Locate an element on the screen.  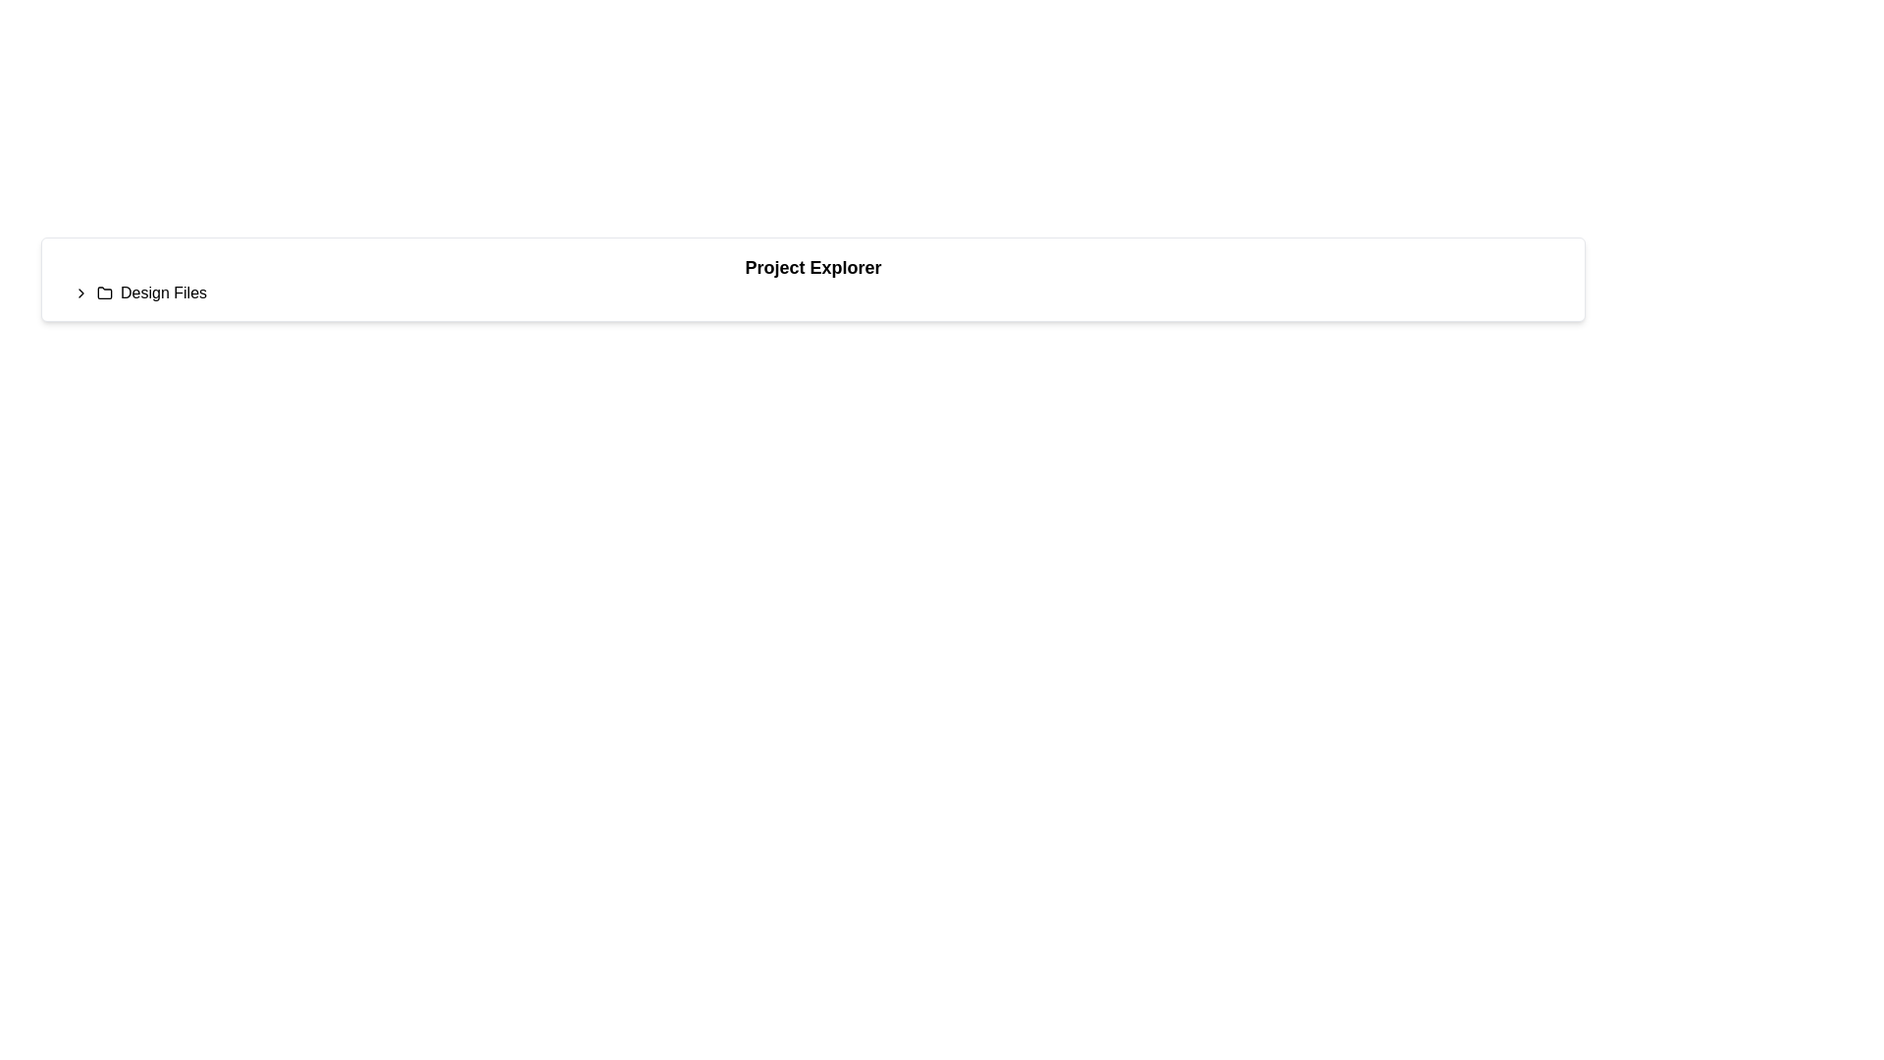
the non-interactive folder icon located to the left of the 'Design Files' label is located at coordinates (103, 291).